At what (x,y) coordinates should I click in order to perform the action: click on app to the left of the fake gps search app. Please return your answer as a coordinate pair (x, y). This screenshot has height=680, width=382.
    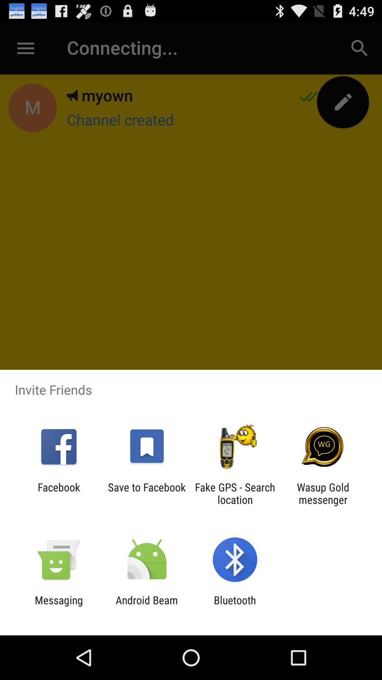
    Looking at the image, I should click on (146, 493).